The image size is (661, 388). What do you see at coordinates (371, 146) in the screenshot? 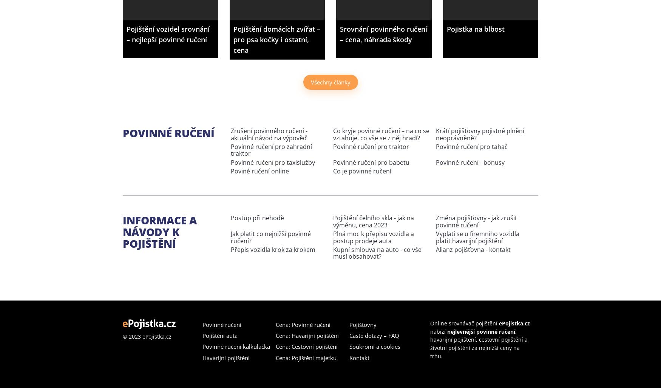
I see `'Povinné ručení pro traktor'` at bounding box center [371, 146].